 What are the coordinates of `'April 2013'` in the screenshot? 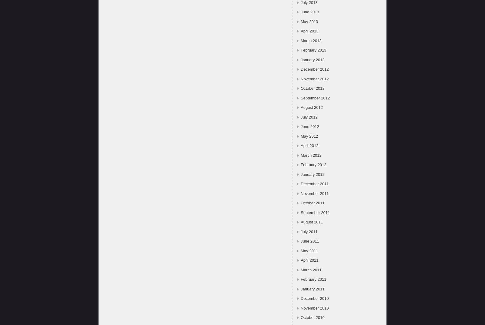 It's located at (309, 31).